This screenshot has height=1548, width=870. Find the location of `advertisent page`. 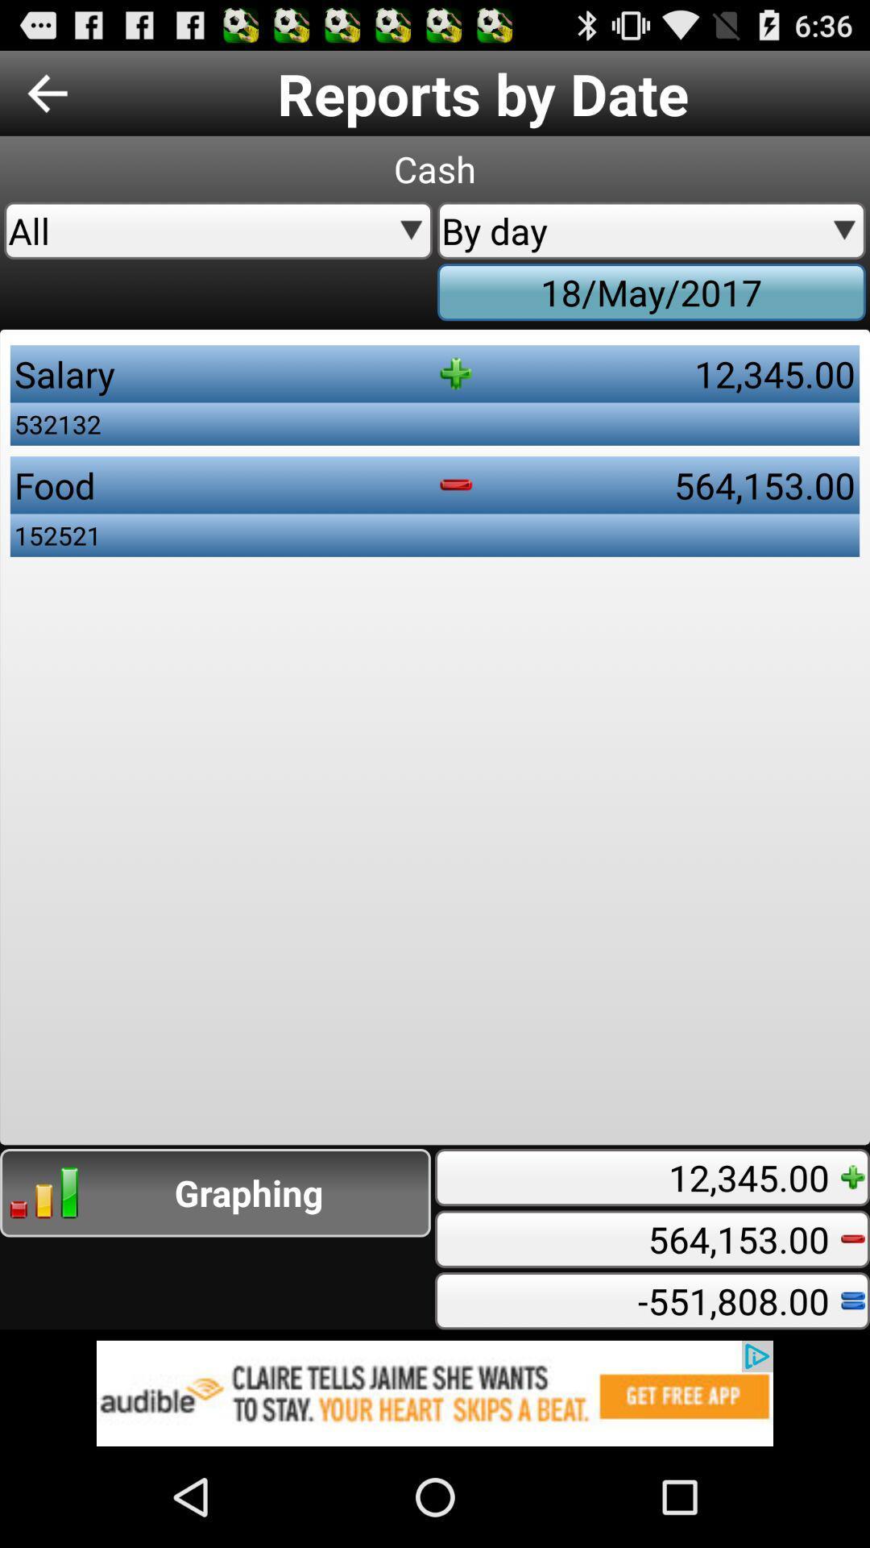

advertisent page is located at coordinates (435, 1392).